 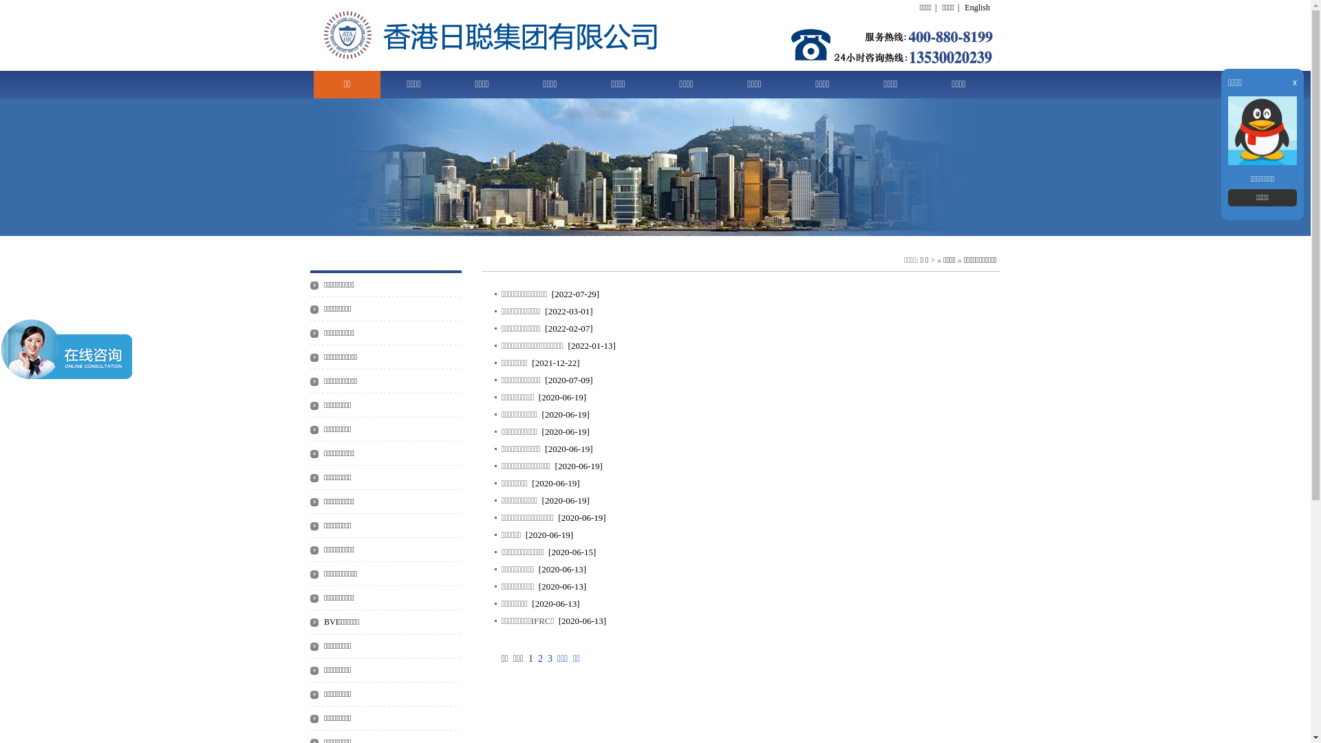 What do you see at coordinates (547, 658) in the screenshot?
I see `'3'` at bounding box center [547, 658].